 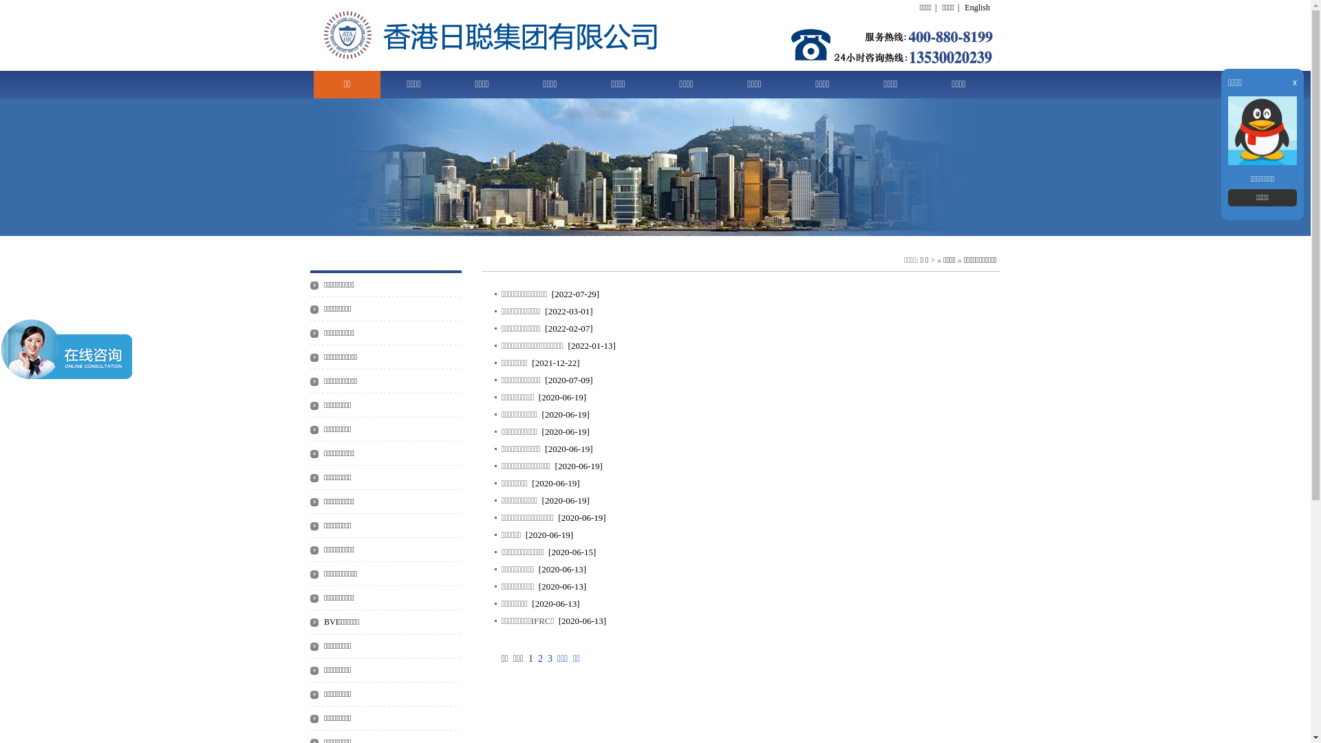 What do you see at coordinates (547, 658) in the screenshot?
I see `'3'` at bounding box center [547, 658].